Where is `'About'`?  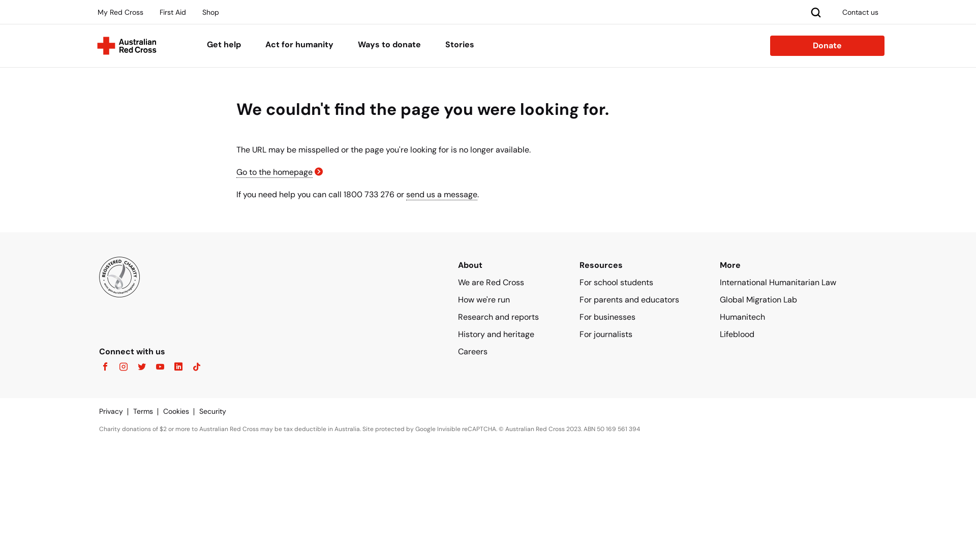 'About' is located at coordinates (470, 264).